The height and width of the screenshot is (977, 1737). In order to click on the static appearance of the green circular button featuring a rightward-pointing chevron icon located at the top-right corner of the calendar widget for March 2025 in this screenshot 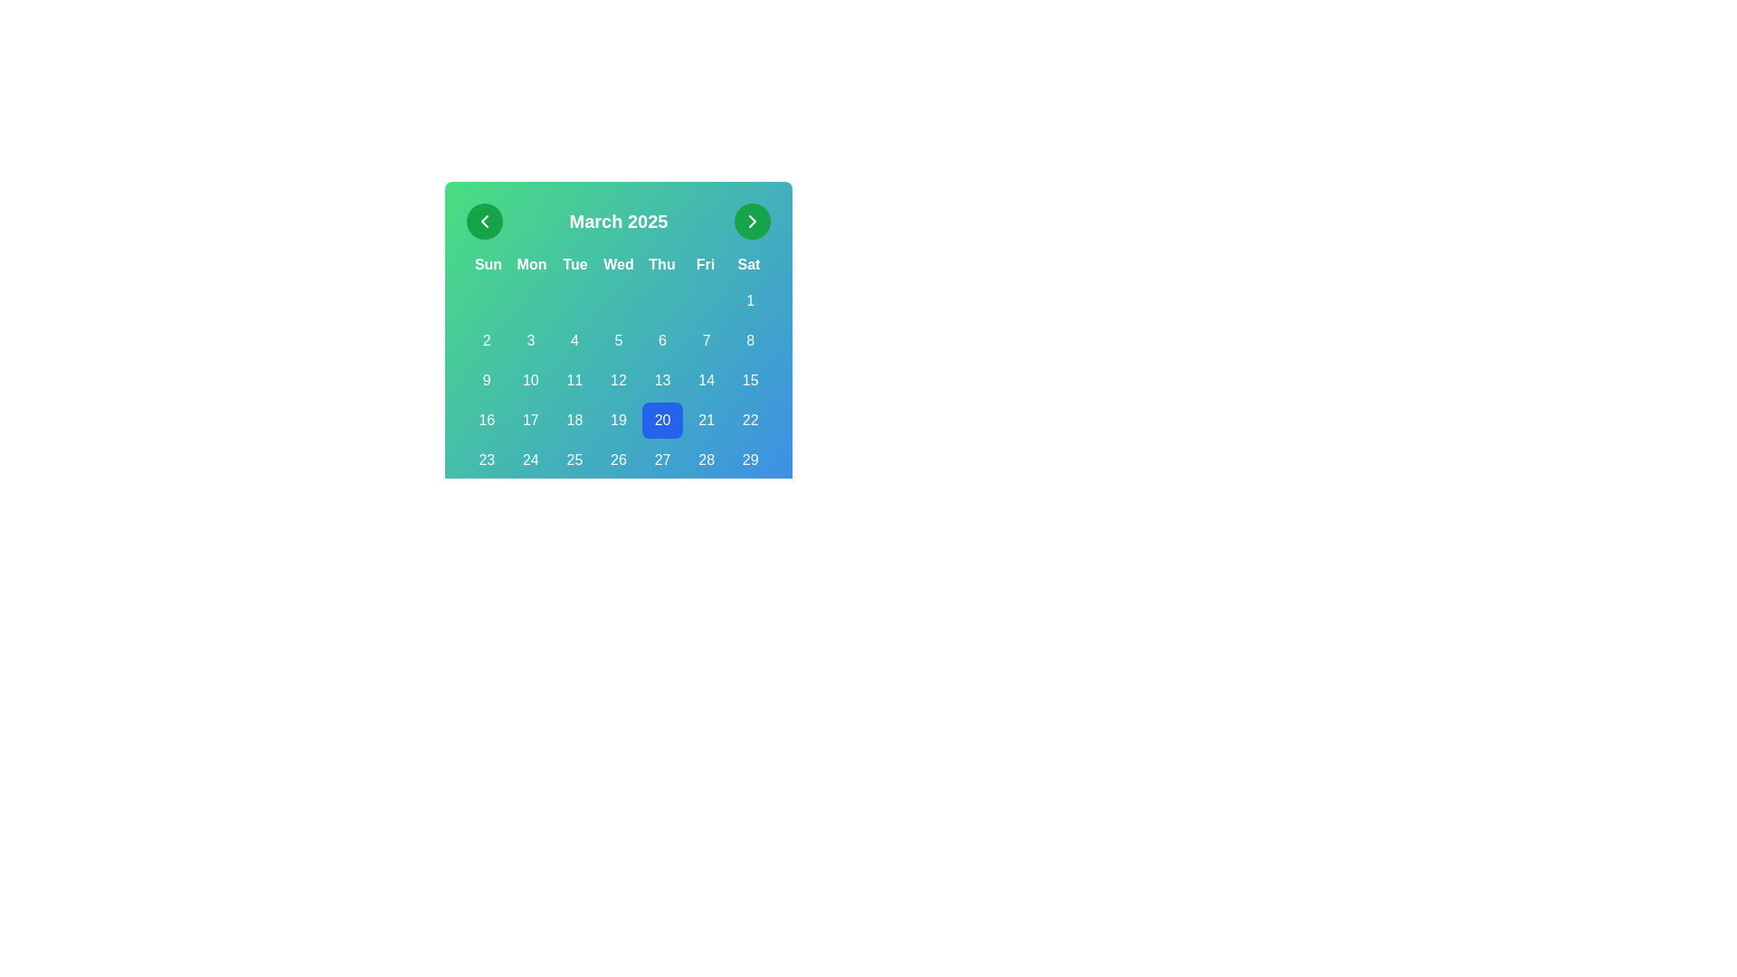, I will do `click(752, 221)`.